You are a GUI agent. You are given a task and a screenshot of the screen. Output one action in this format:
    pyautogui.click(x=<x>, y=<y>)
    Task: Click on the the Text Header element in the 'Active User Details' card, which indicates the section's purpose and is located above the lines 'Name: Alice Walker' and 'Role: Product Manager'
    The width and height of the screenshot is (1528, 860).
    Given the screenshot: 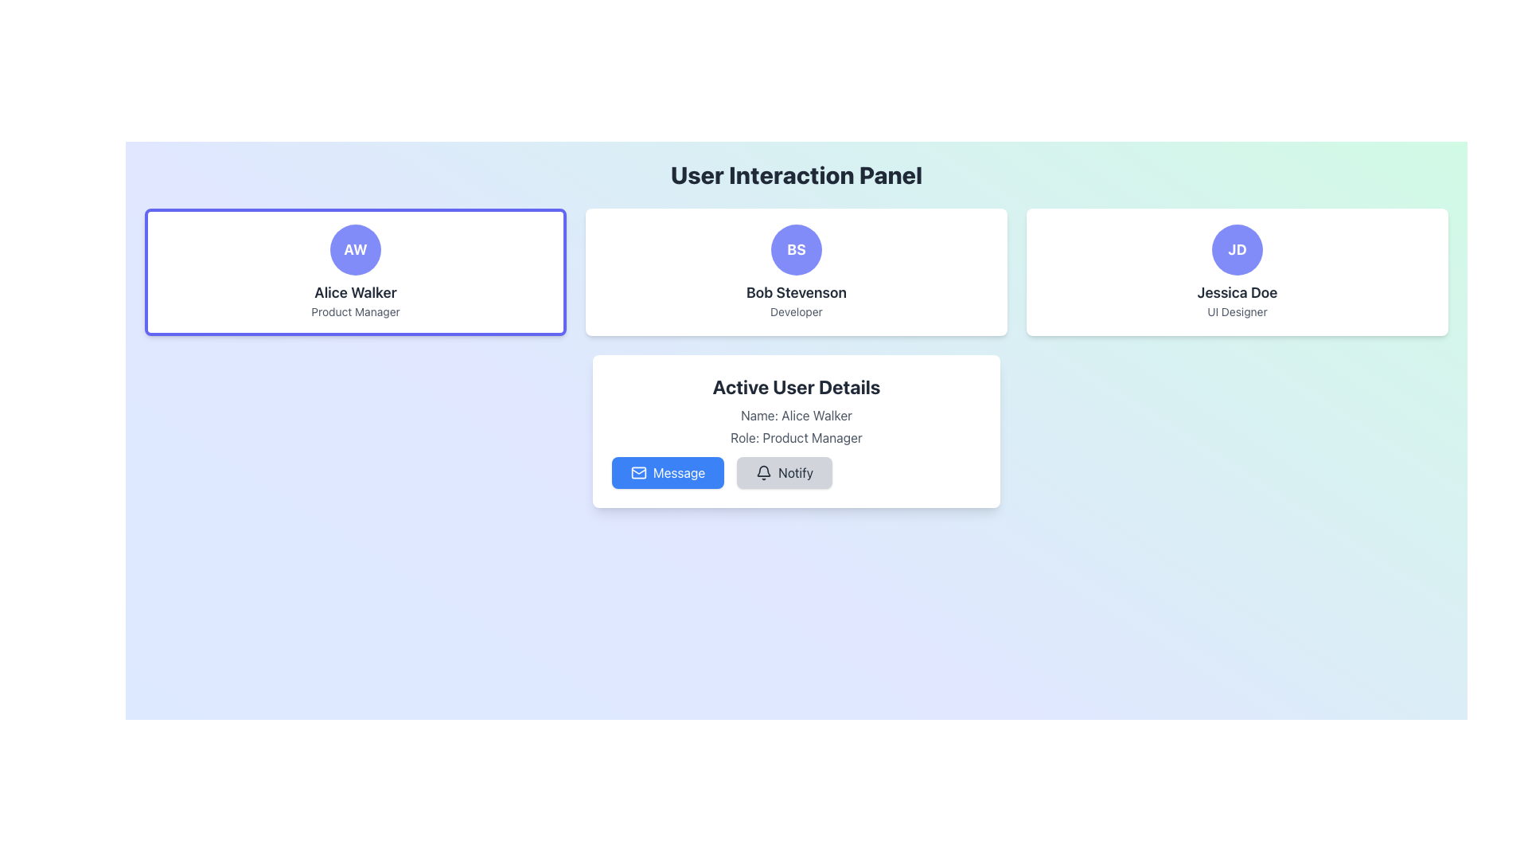 What is the action you would take?
    pyautogui.click(x=797, y=387)
    